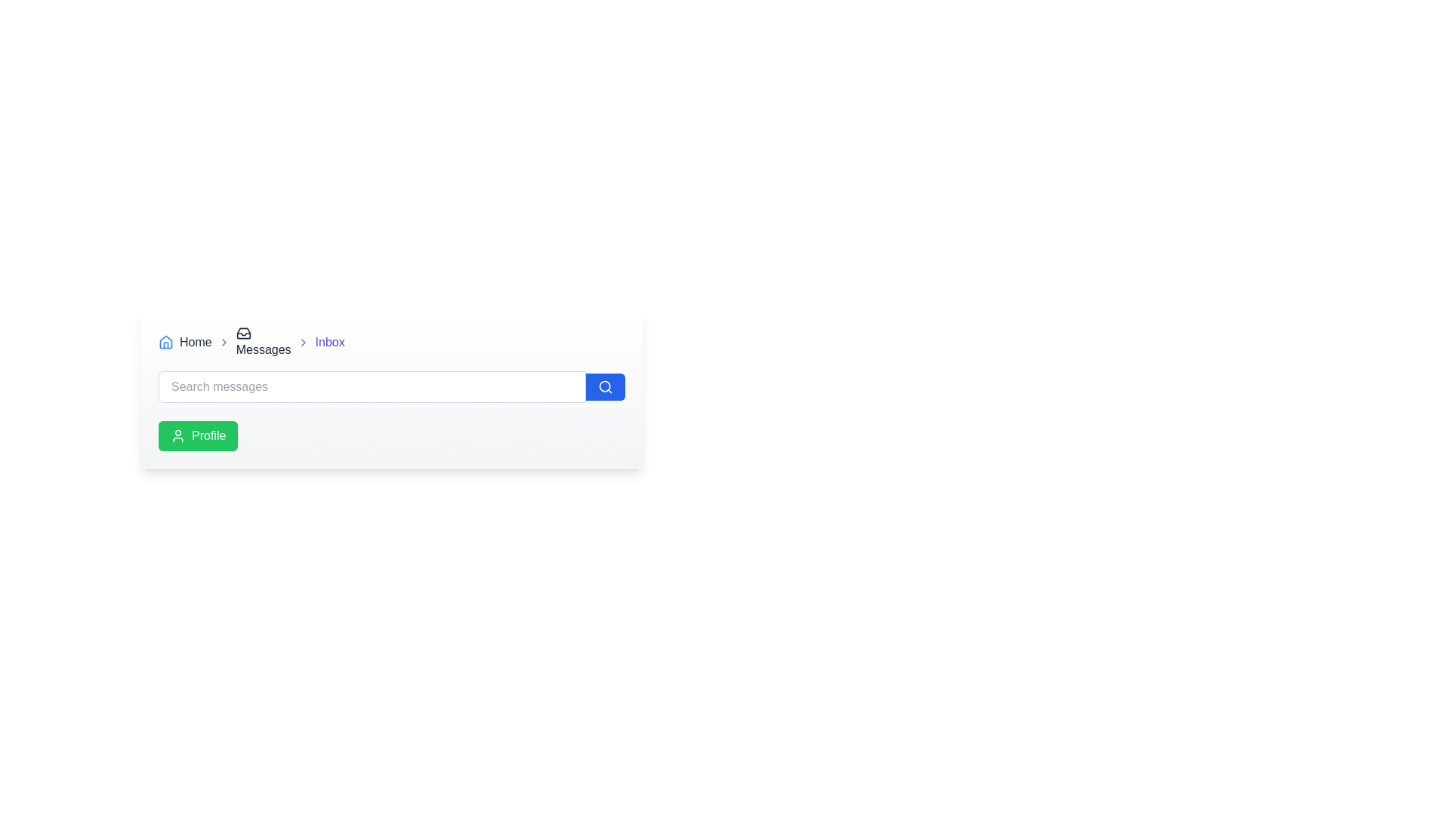  What do you see at coordinates (223, 343) in the screenshot?
I see `the navigational hierarchy icon located between the 'Home' and 'Messages' sections` at bounding box center [223, 343].